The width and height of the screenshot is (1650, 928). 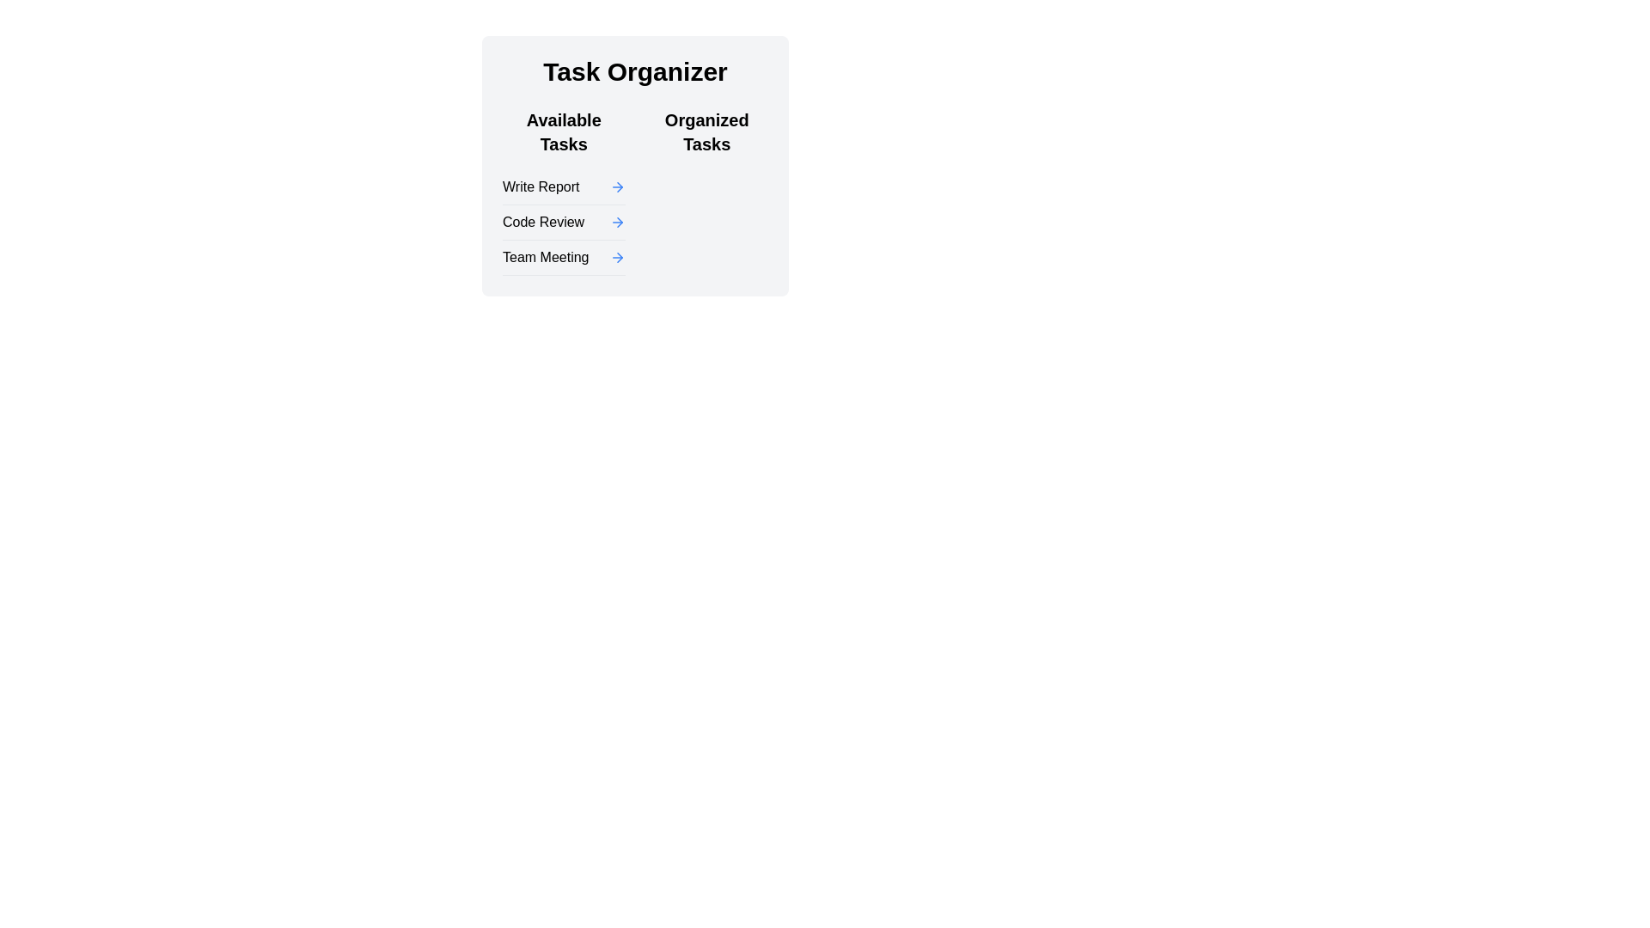 I want to click on the 'Write Report' text in the first row of the 'Available Tasks' list in the 'Task Organizer' interface, so click(x=564, y=187).